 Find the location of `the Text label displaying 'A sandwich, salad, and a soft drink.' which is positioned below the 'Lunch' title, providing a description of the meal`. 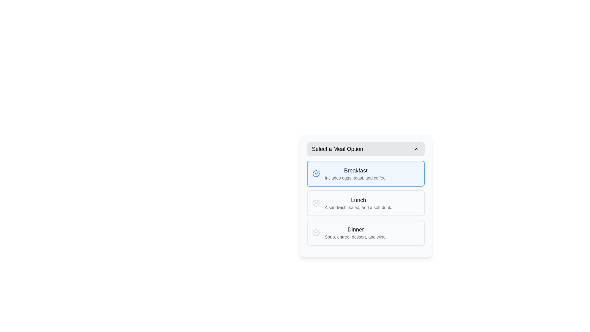

the Text label displaying 'A sandwich, salad, and a soft drink.' which is positioned below the 'Lunch' title, providing a description of the meal is located at coordinates (358, 207).